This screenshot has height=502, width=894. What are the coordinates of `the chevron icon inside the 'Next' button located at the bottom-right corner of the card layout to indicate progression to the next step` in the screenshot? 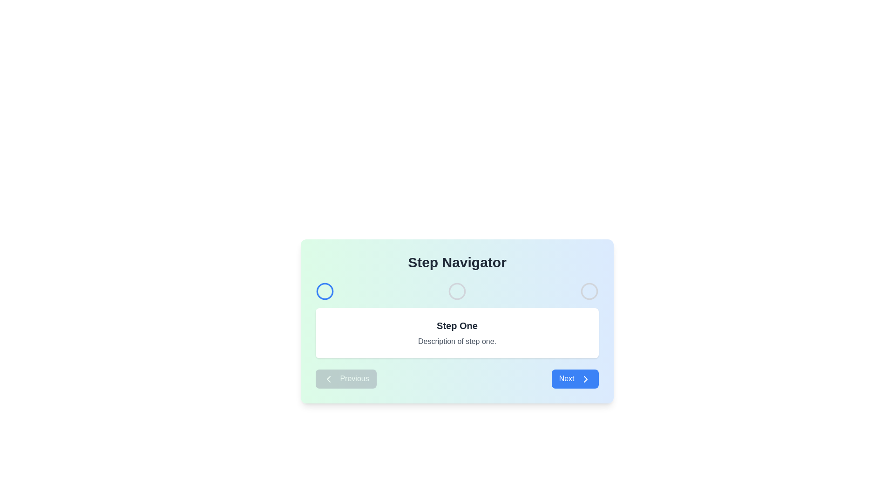 It's located at (585, 378).